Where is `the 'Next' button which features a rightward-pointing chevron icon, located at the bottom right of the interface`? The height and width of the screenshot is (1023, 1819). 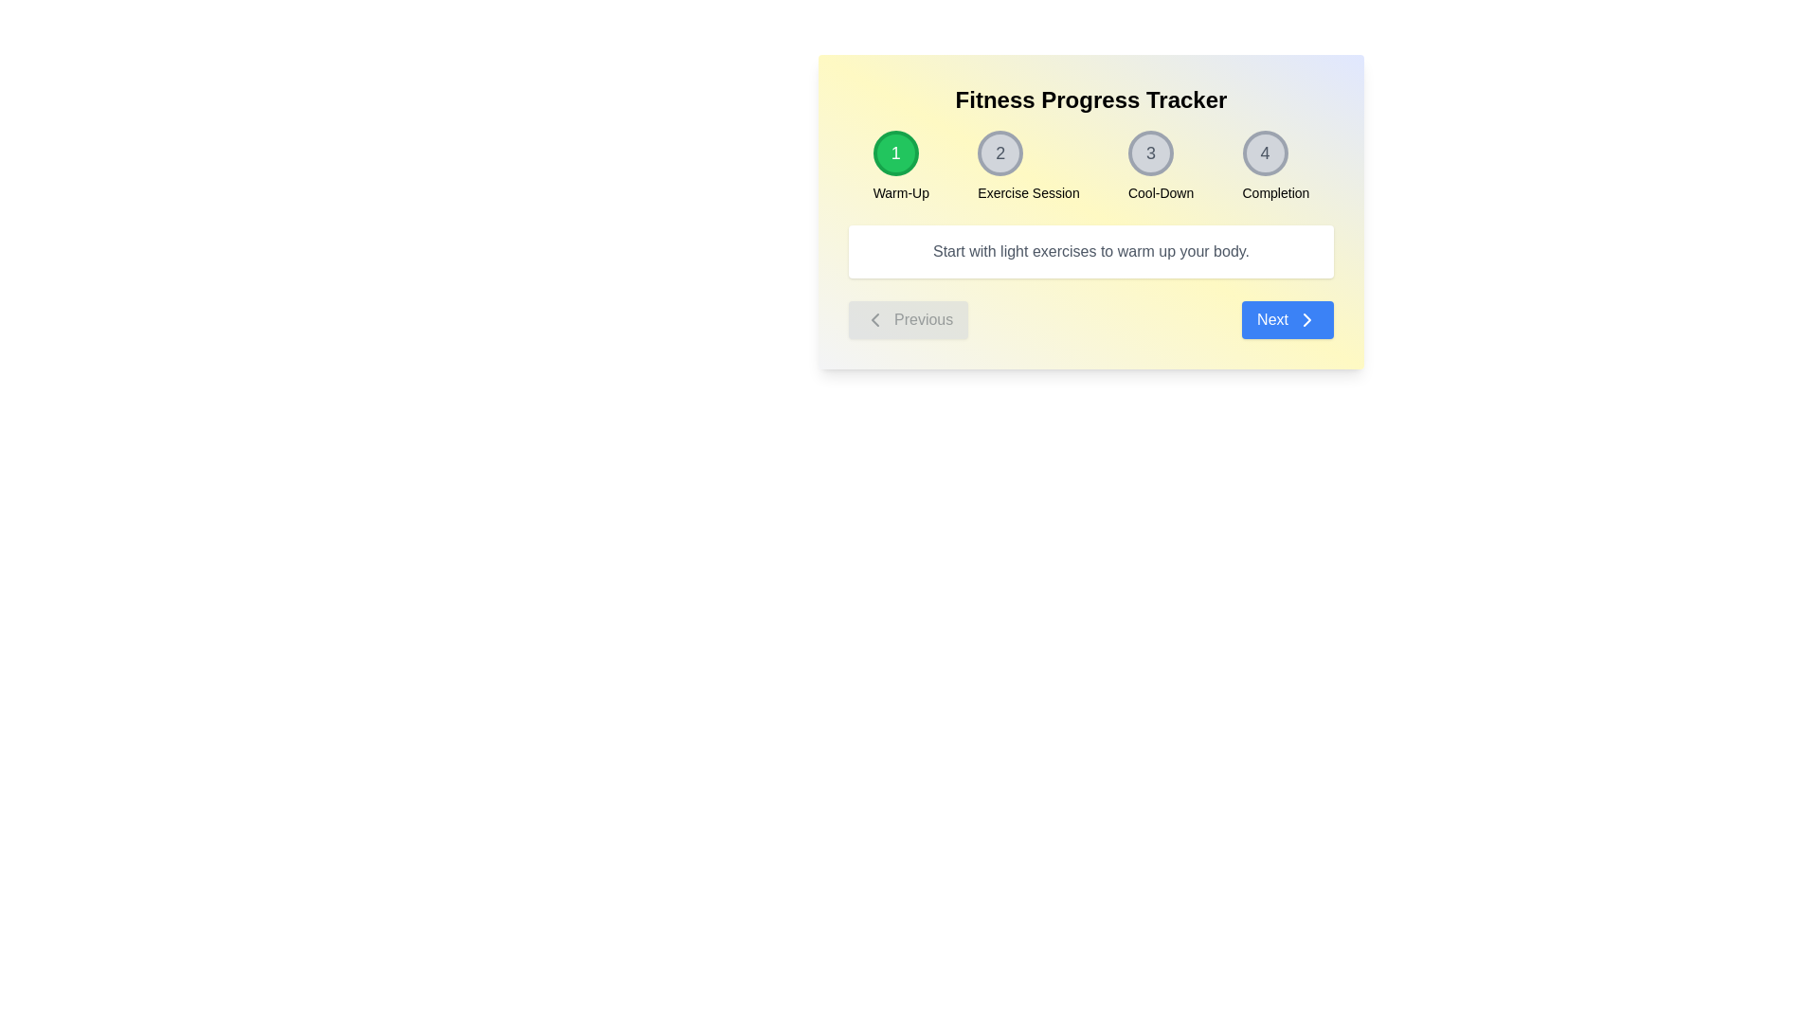 the 'Next' button which features a rightward-pointing chevron icon, located at the bottom right of the interface is located at coordinates (1306, 319).